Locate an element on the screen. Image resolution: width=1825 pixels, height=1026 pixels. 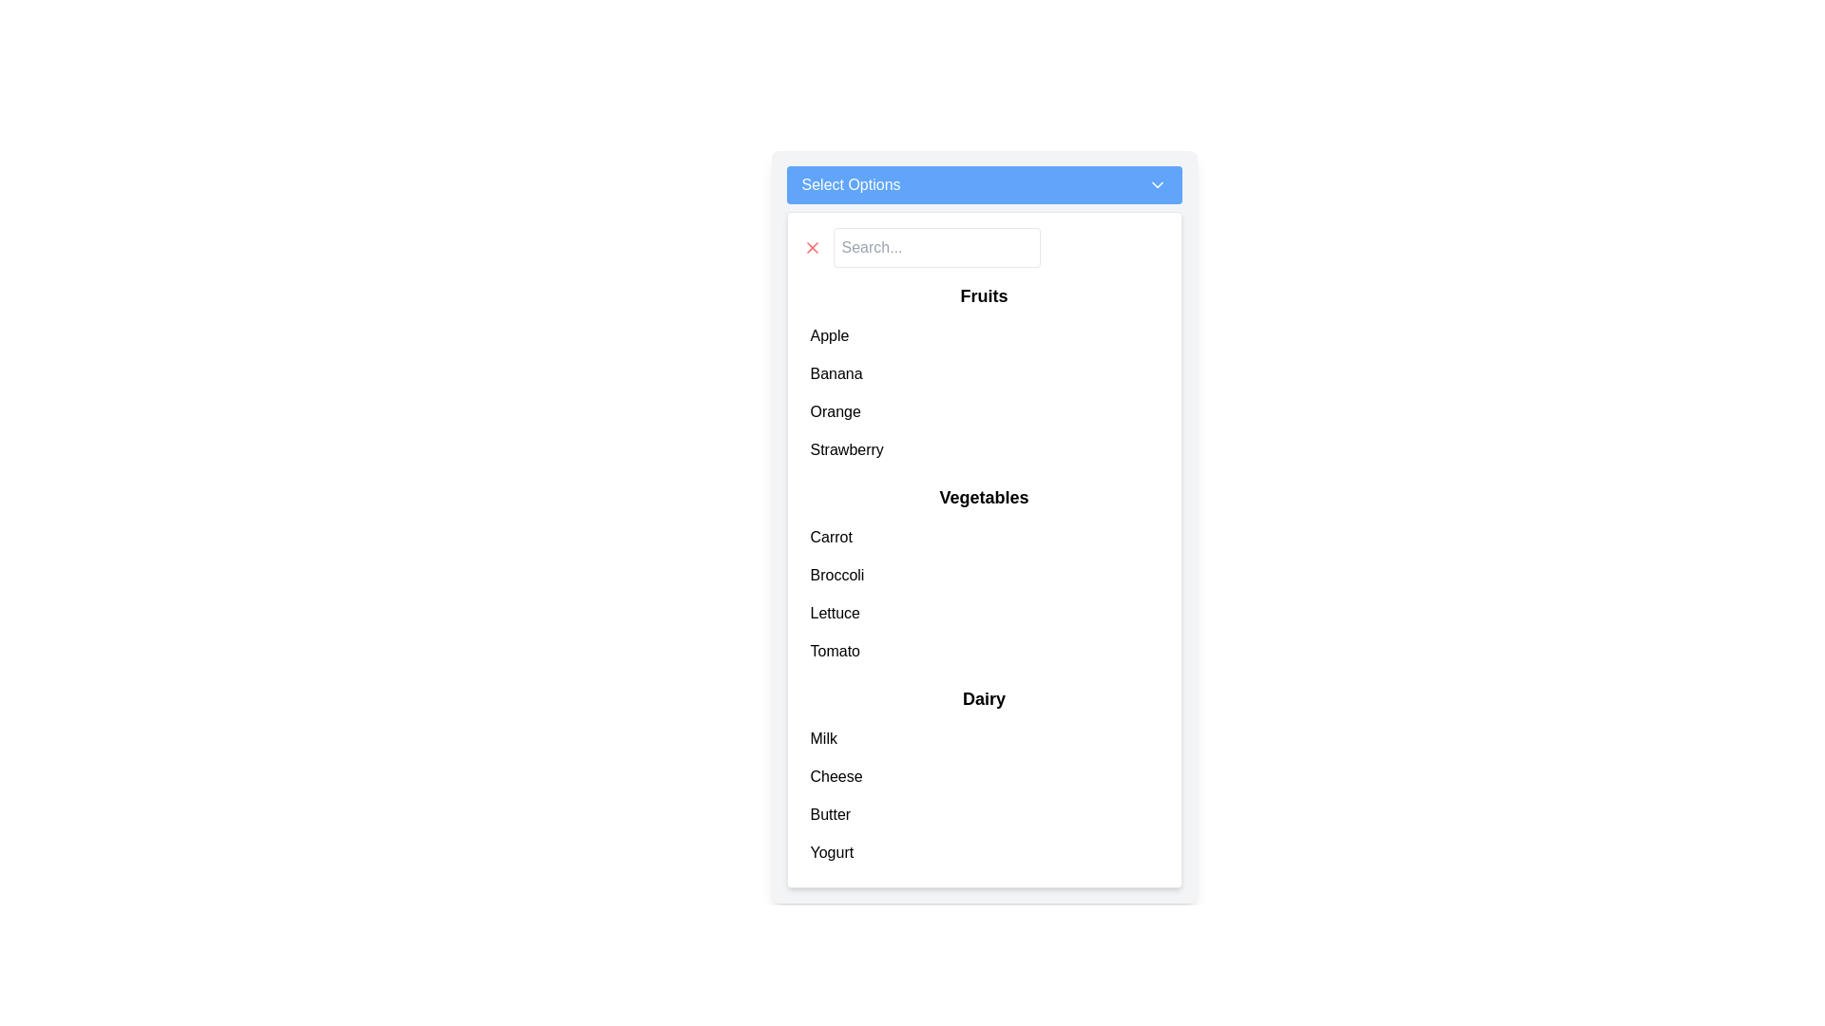
the text label displaying the word 'Banana' in the vertically arranged list of items under the category 'Fruits' is located at coordinates (836, 373).